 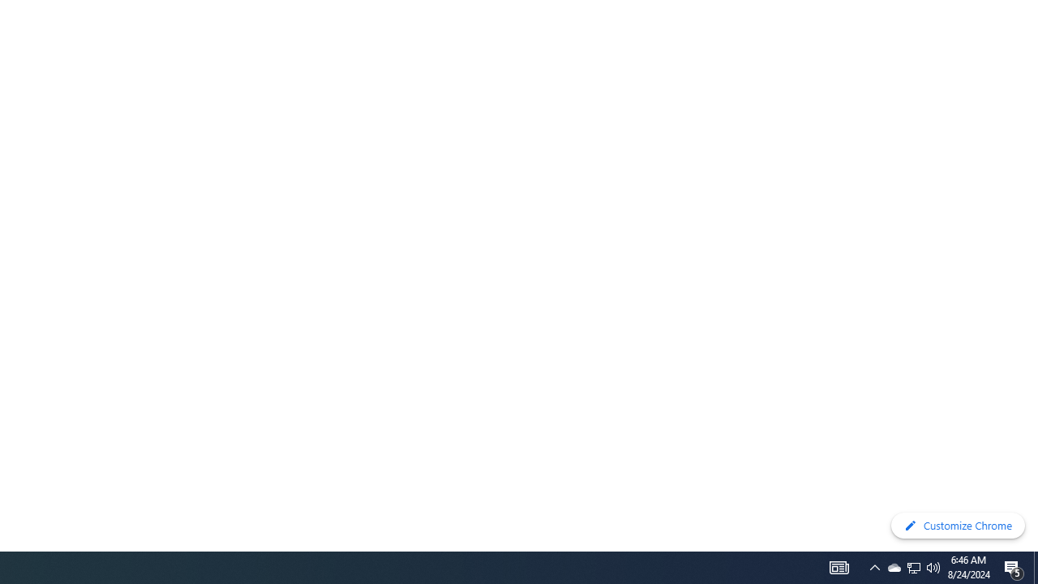 What do you see at coordinates (958, 526) in the screenshot?
I see `'Customize Chrome'` at bounding box center [958, 526].